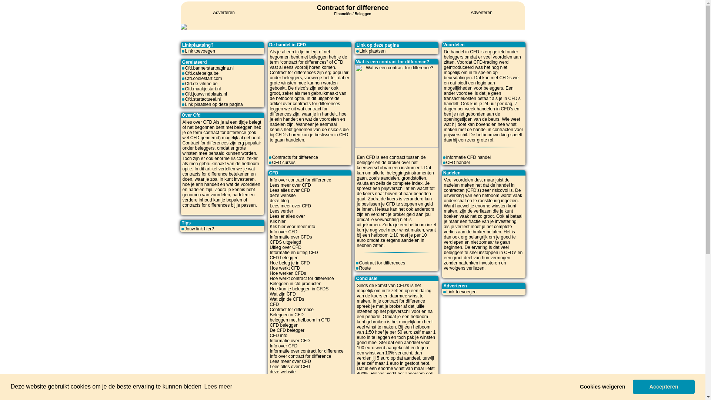 The image size is (711, 400). Describe the element at coordinates (389, 178) in the screenshot. I see `'aandelen'` at that location.